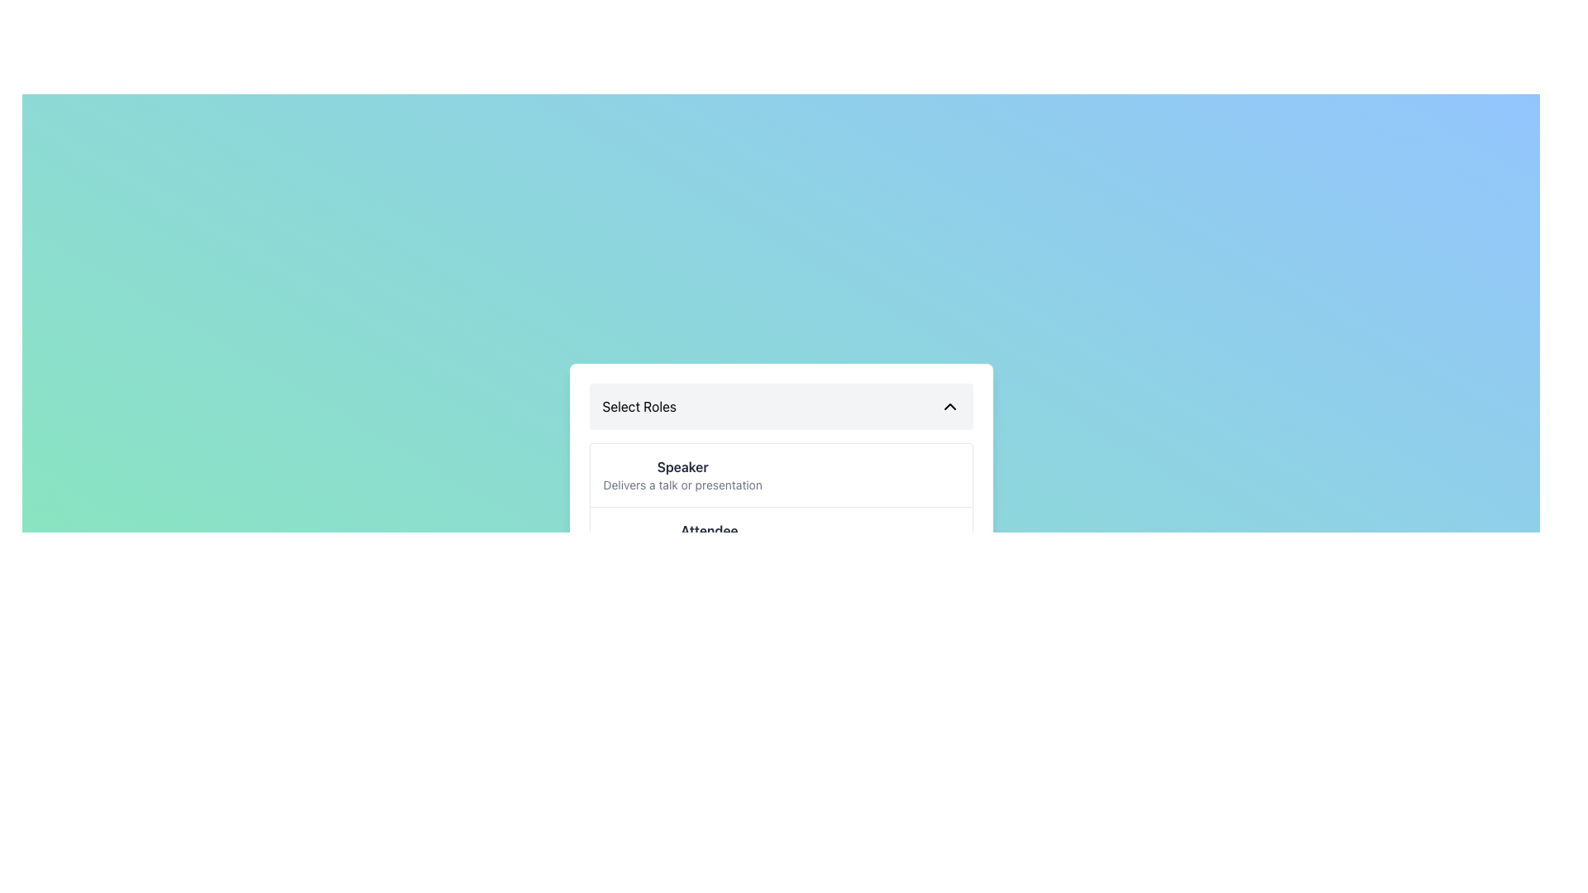  Describe the element at coordinates (709, 538) in the screenshot. I see `the role selection option located below the 'Speaker: Delivers a talk or presentation' item in the 'Select Roles' dropdown menu` at that location.